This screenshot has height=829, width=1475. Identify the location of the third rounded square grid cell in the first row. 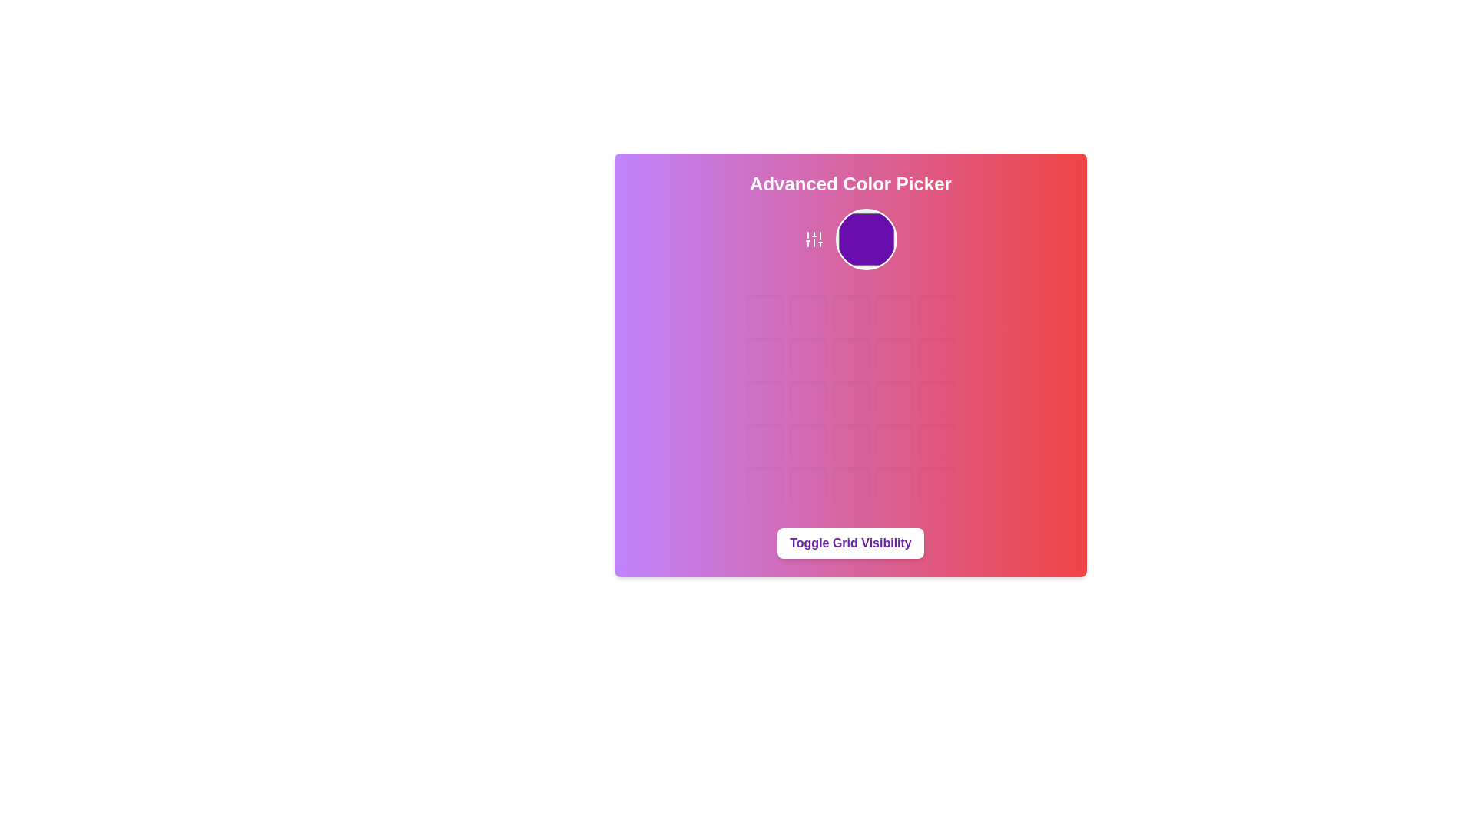
(850, 312).